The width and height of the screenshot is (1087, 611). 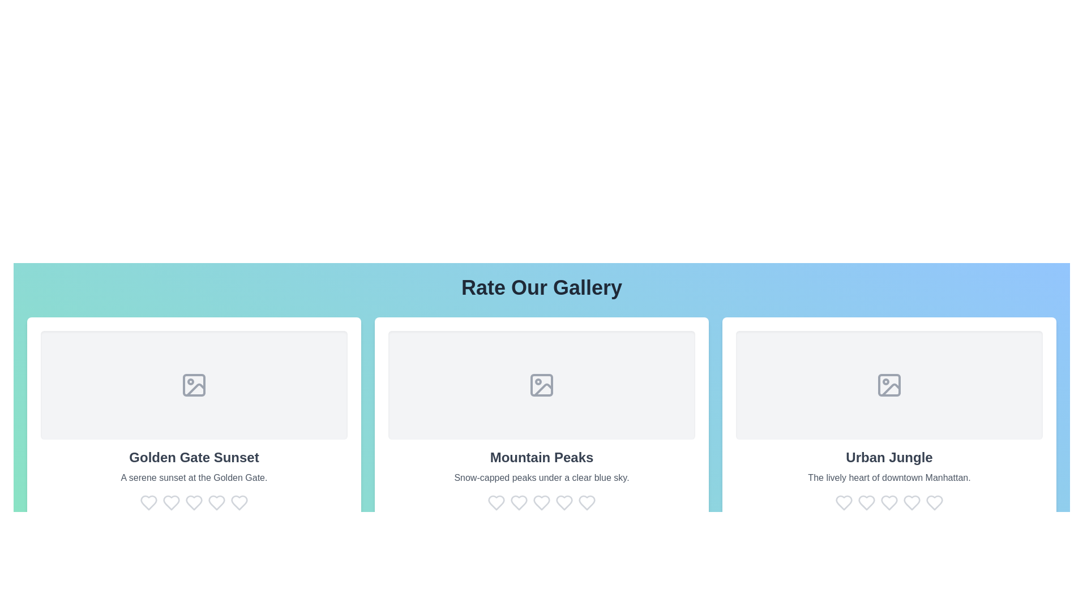 I want to click on the image placeholder for Mountain Peaks, so click(x=541, y=385).